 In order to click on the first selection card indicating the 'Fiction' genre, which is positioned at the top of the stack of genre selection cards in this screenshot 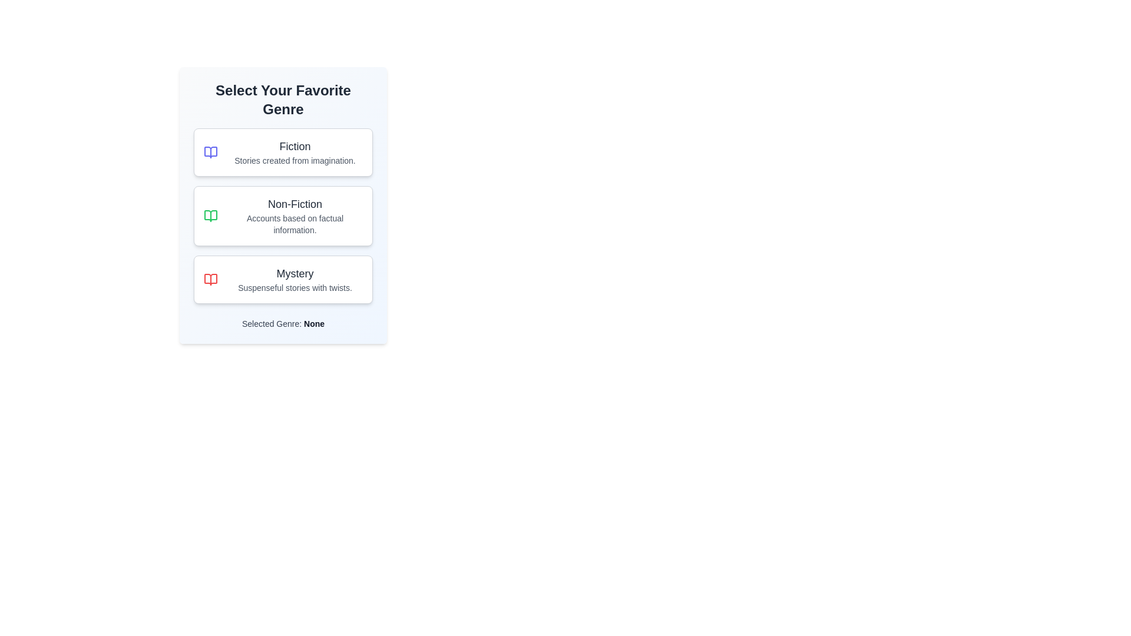, I will do `click(283, 151)`.